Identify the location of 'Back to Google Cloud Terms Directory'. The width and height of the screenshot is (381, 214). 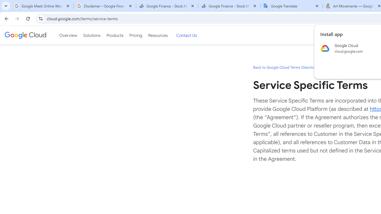
(285, 67).